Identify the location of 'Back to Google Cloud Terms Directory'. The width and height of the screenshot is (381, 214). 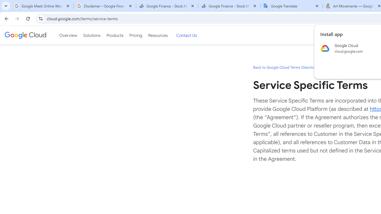
(285, 67).